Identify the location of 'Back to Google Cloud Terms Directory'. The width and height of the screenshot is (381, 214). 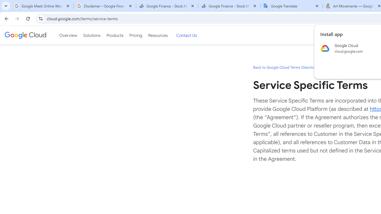
(285, 67).